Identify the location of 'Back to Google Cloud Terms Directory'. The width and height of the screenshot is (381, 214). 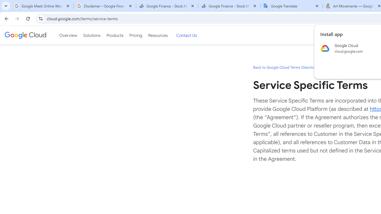
(285, 67).